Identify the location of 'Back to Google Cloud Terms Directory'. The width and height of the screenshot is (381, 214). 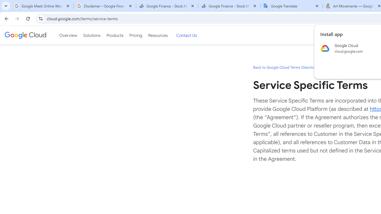
(285, 67).